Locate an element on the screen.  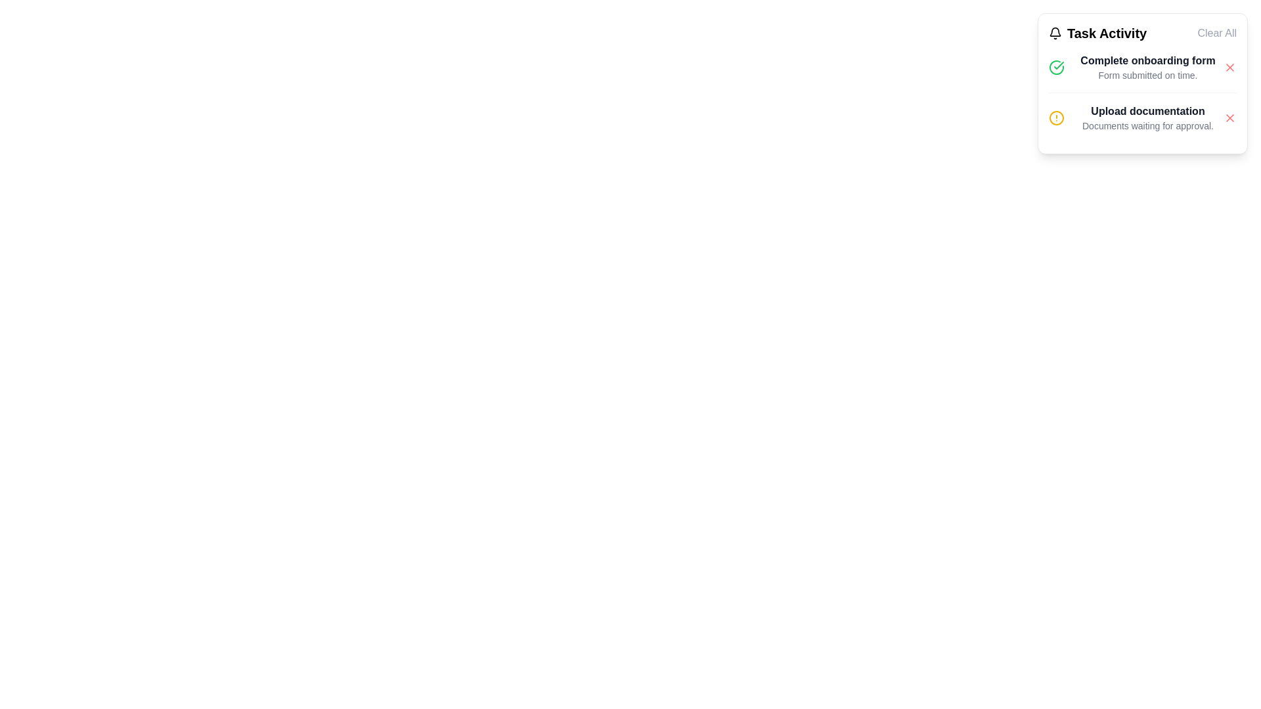
the green checkmark icon that indicates the successful completion of the 'Complete onboarding form' task, located in the upper part of the 'Task Activity' section is located at coordinates (1056, 68).